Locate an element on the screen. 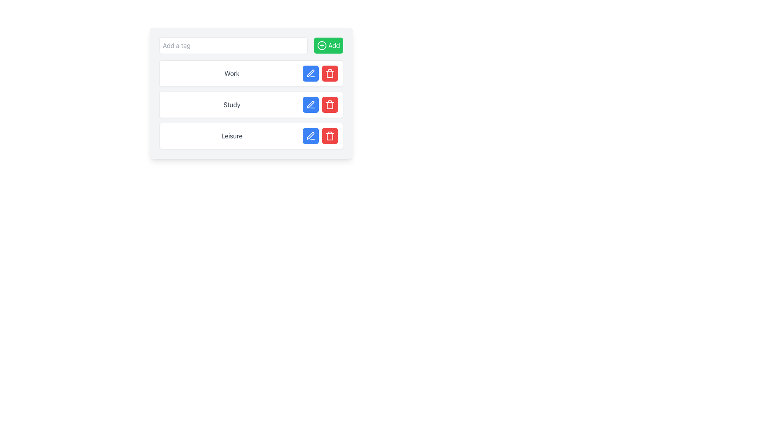  the pen icon button with a blue background located in the second list item labeled 'Study', positioned to the left of a red trash can icon is located at coordinates (310, 104).